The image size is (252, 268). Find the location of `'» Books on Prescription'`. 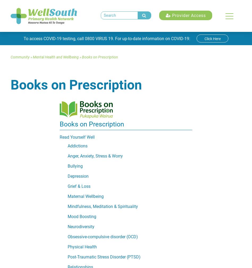

'» Books on Prescription' is located at coordinates (98, 57).